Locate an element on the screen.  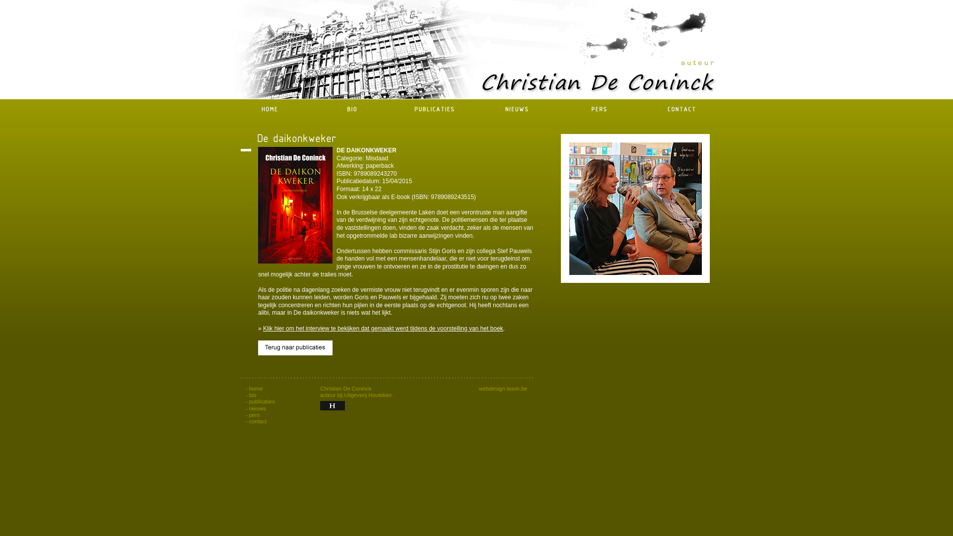
'home' is located at coordinates (256, 388).